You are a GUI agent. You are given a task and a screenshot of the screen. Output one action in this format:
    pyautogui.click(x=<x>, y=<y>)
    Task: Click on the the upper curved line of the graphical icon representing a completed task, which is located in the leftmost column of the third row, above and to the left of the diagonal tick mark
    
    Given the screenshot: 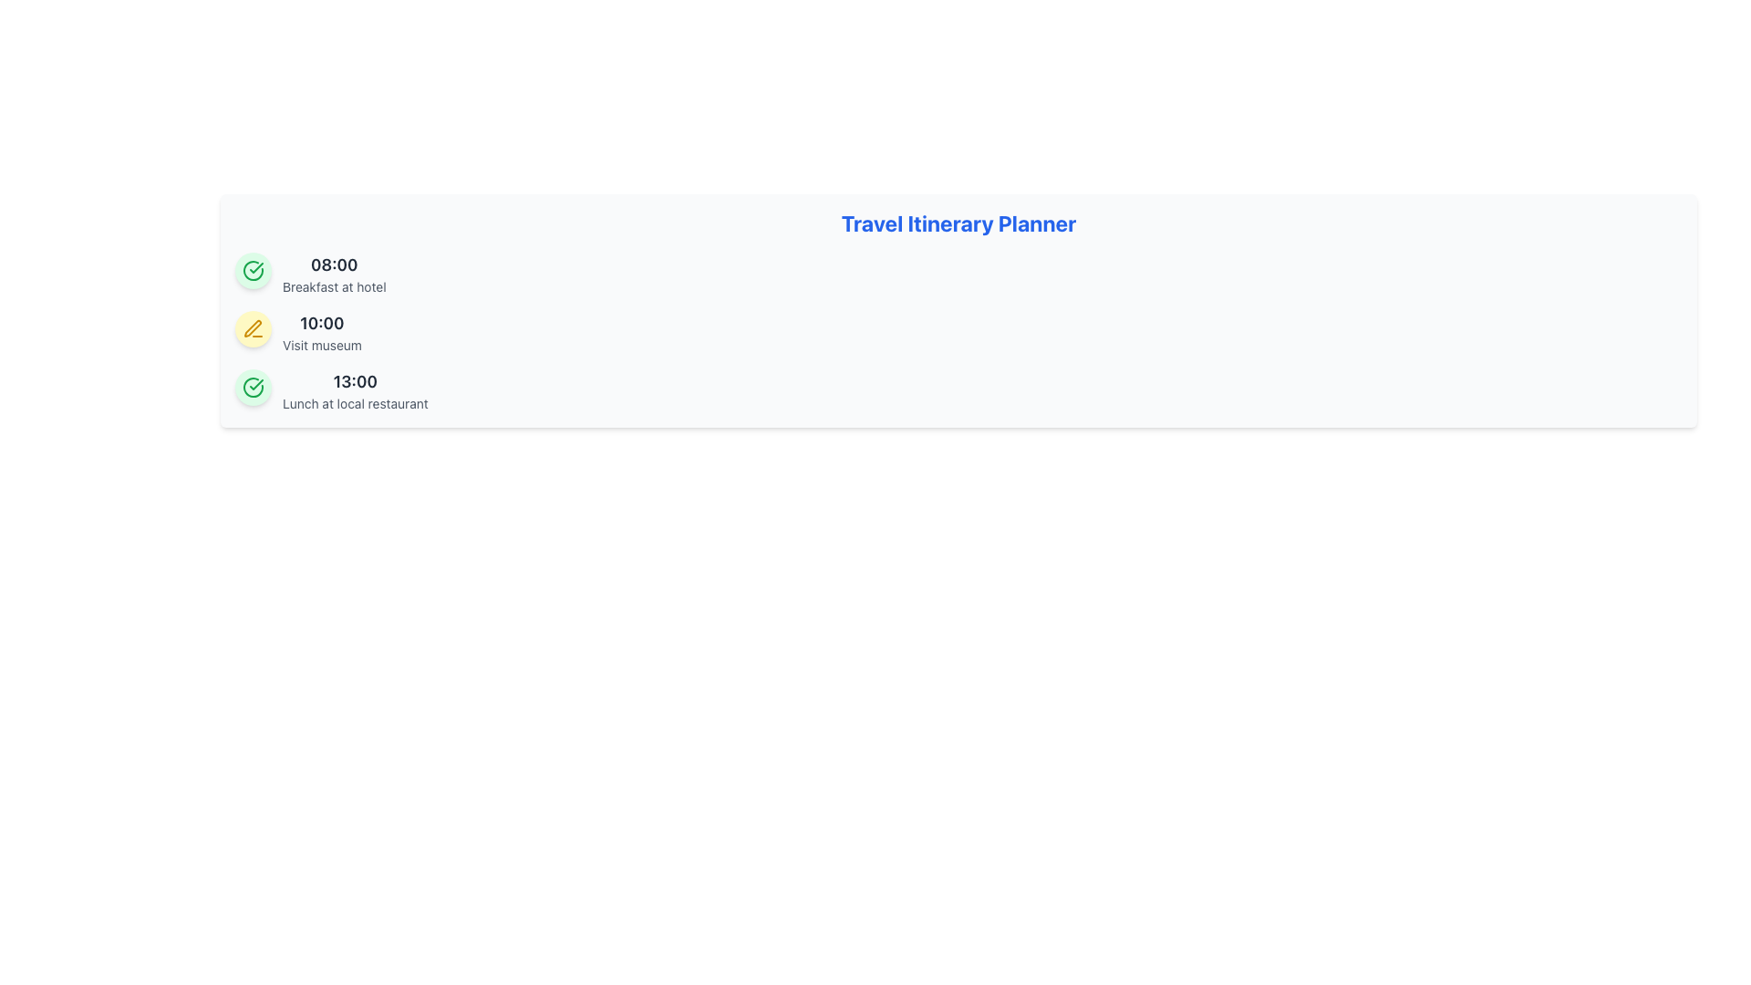 What is the action you would take?
    pyautogui.click(x=253, y=386)
    